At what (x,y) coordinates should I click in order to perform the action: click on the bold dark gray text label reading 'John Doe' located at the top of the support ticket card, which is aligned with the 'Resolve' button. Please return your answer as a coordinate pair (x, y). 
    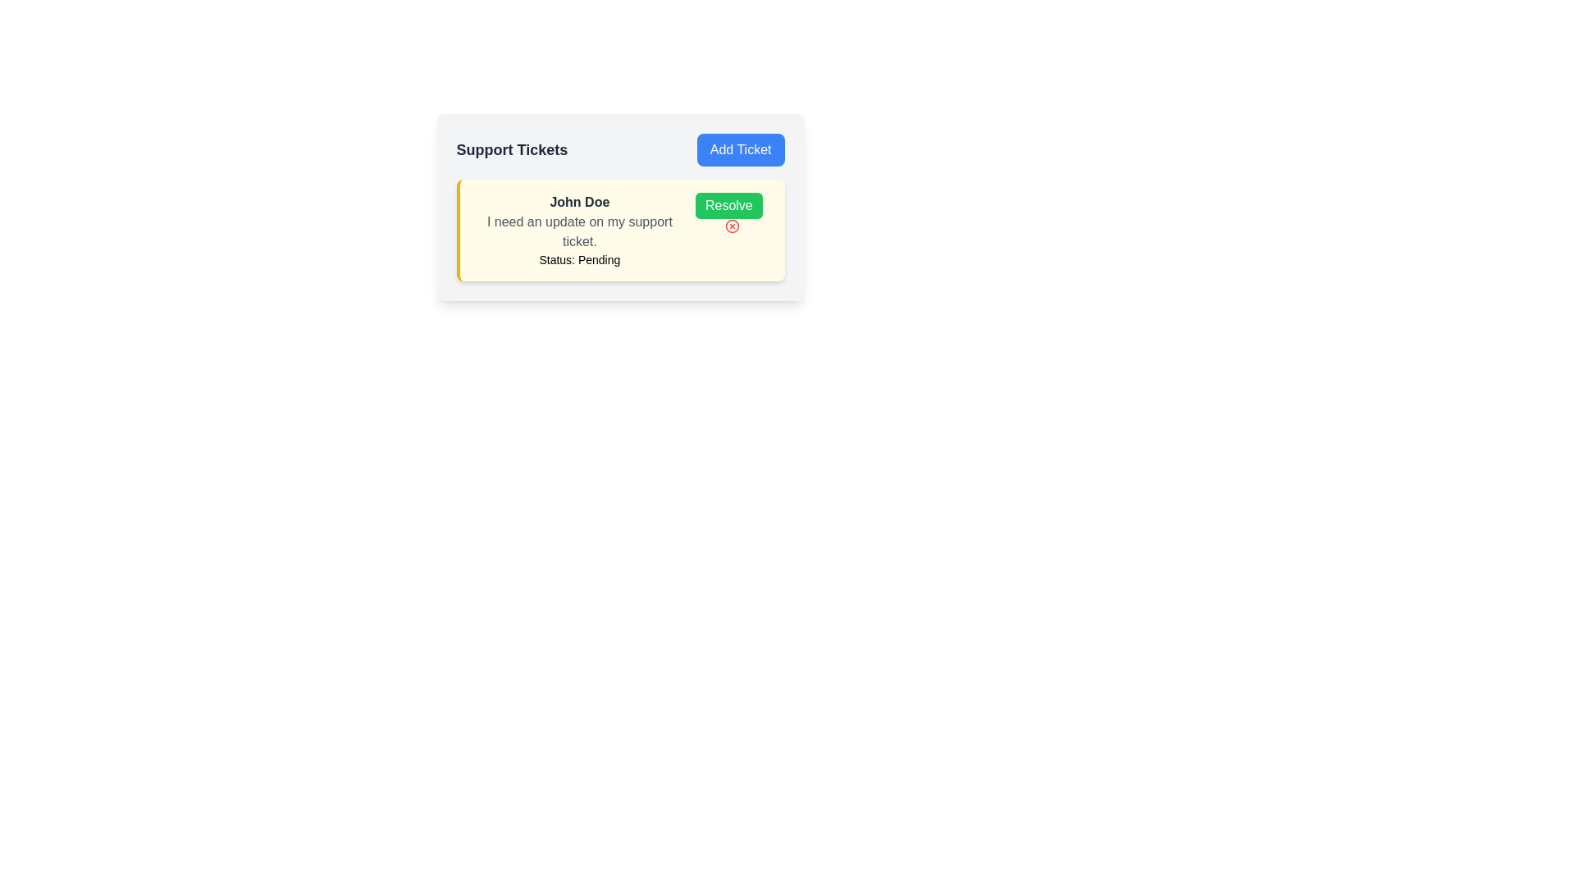
    Looking at the image, I should click on (579, 201).